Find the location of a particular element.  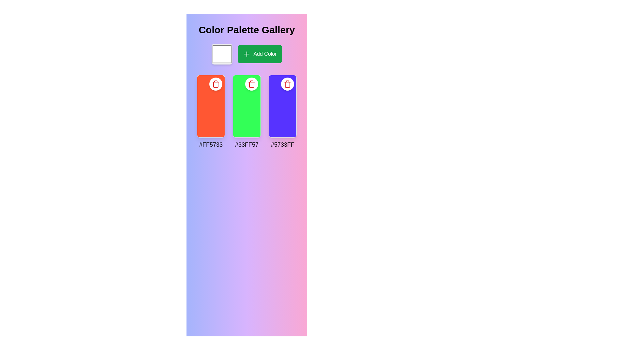

the descriptive label for the green palette item, which communicates the hexadecimal color code for the green color is located at coordinates (246, 144).